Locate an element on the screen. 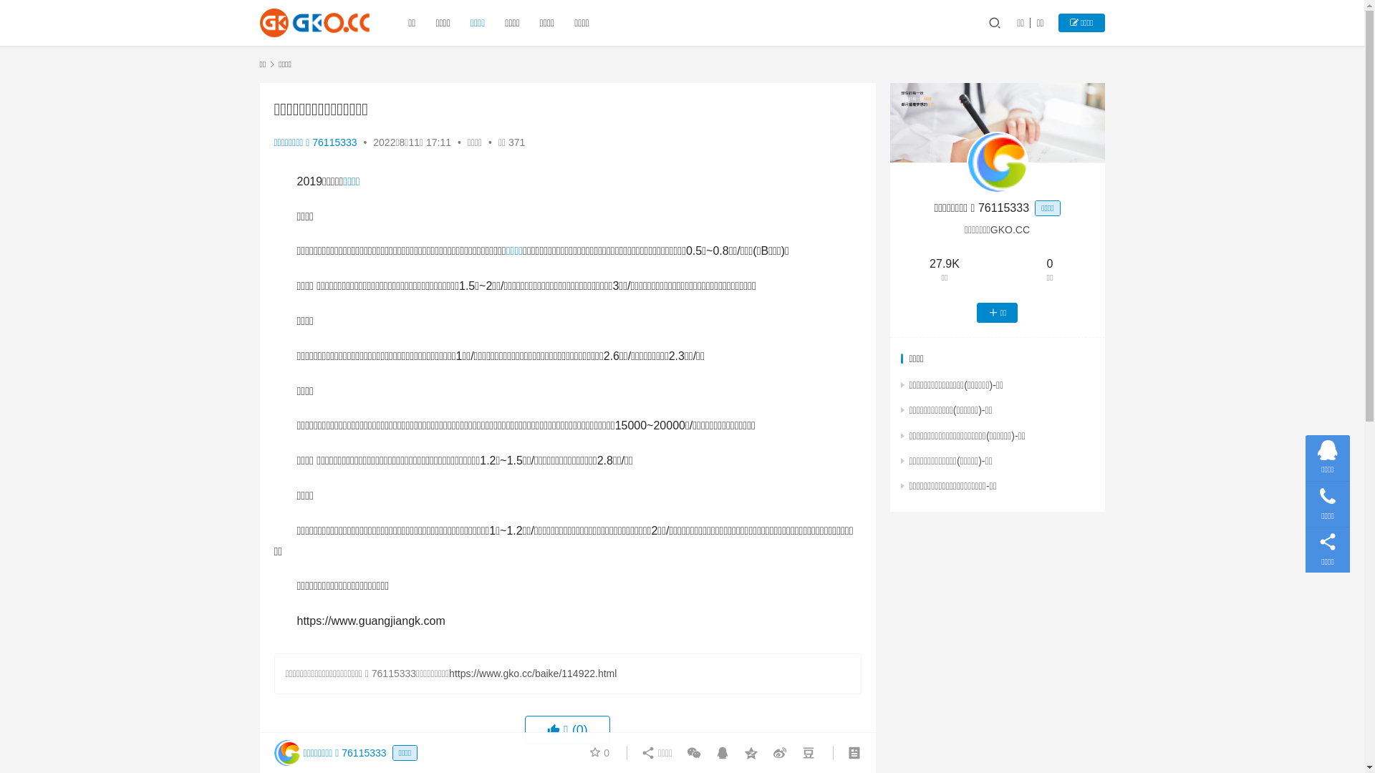  '0' is located at coordinates (599, 752).